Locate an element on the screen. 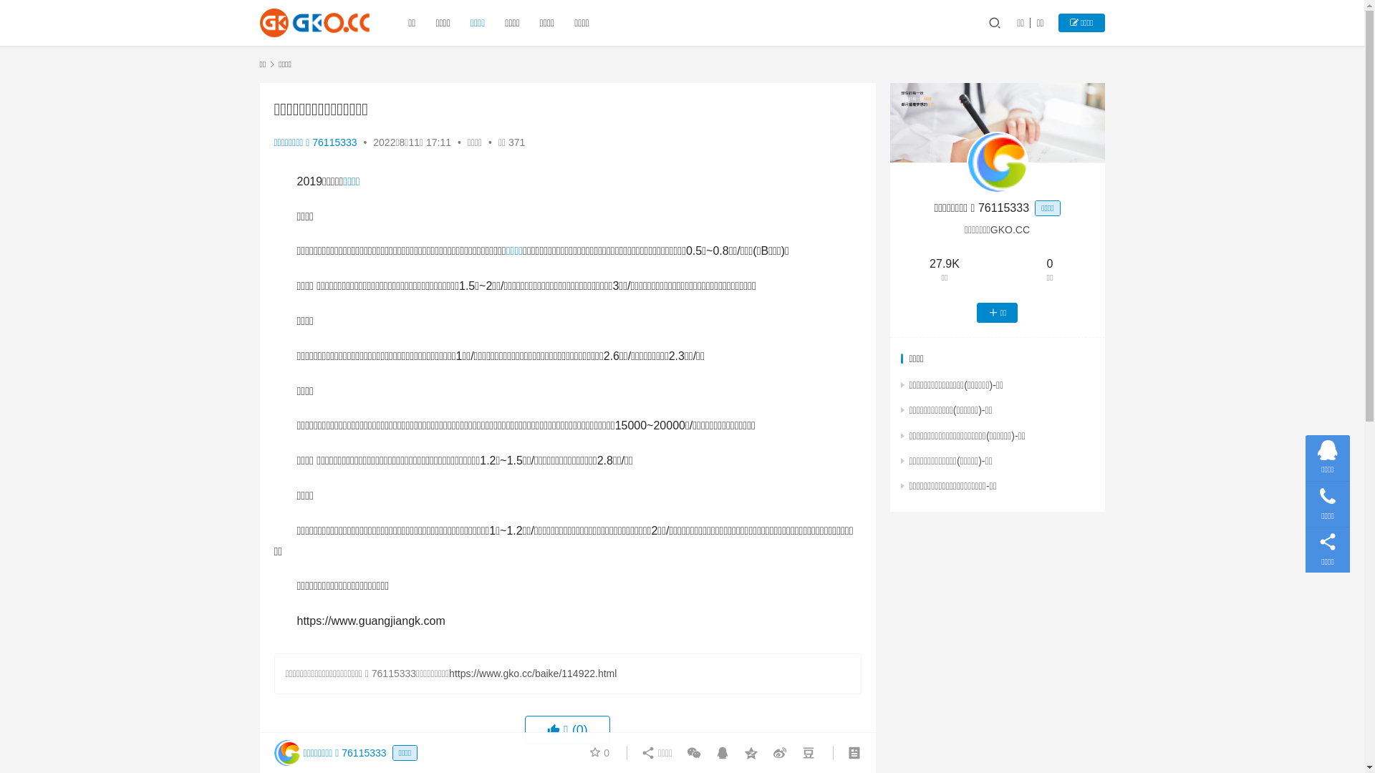  '0' is located at coordinates (599, 752).